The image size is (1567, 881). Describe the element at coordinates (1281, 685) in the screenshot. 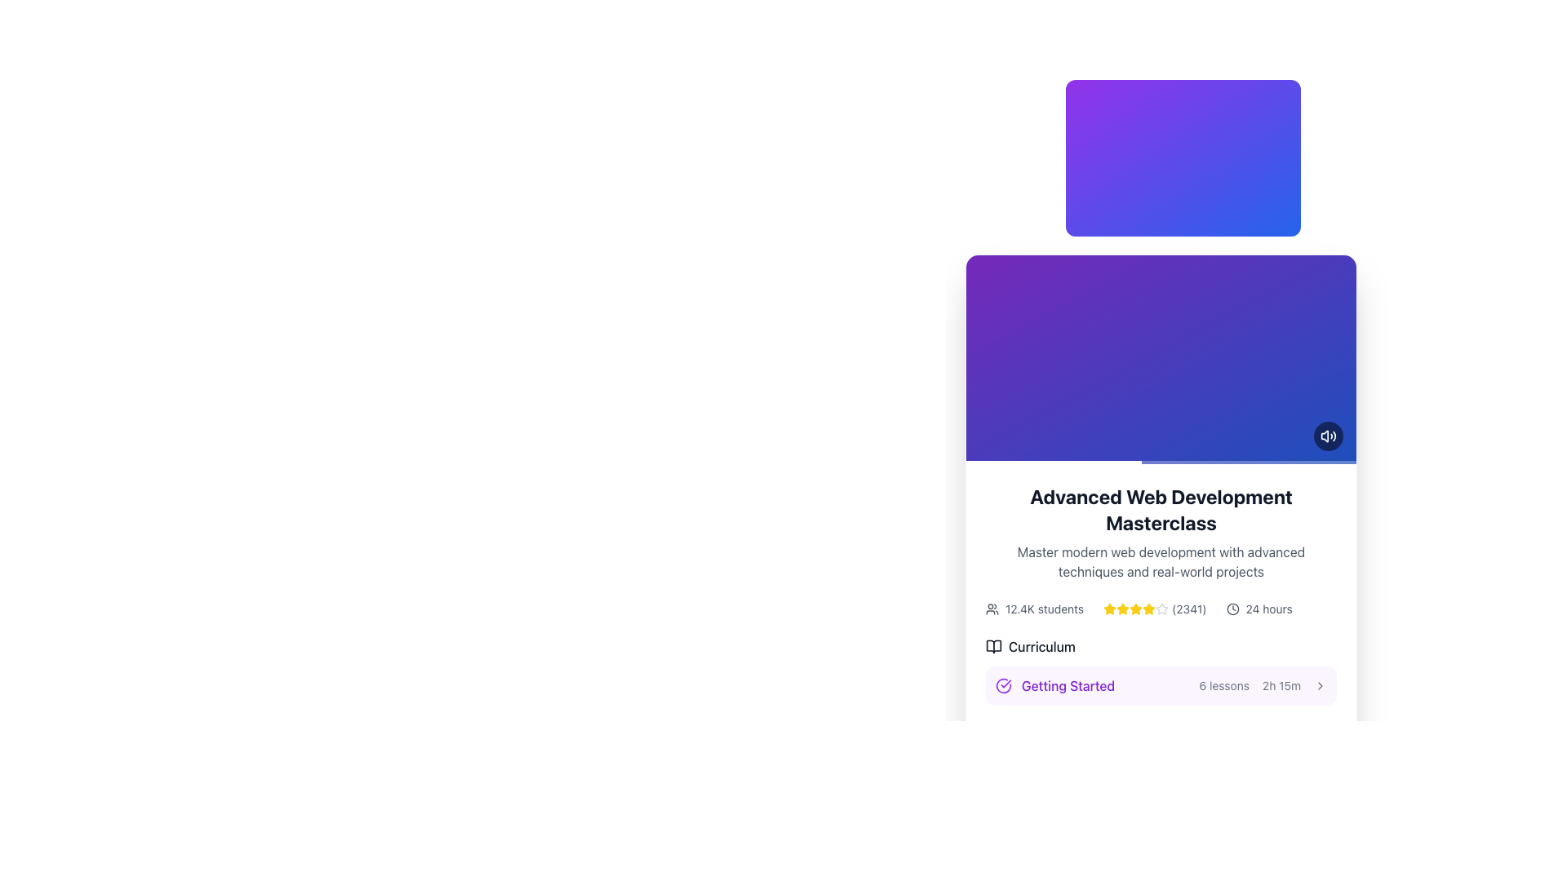

I see `the text element that represents the total duration of activities, positioned immediately after '6 lessons' and before an SVG icon in the 'Getting Started' section` at that location.